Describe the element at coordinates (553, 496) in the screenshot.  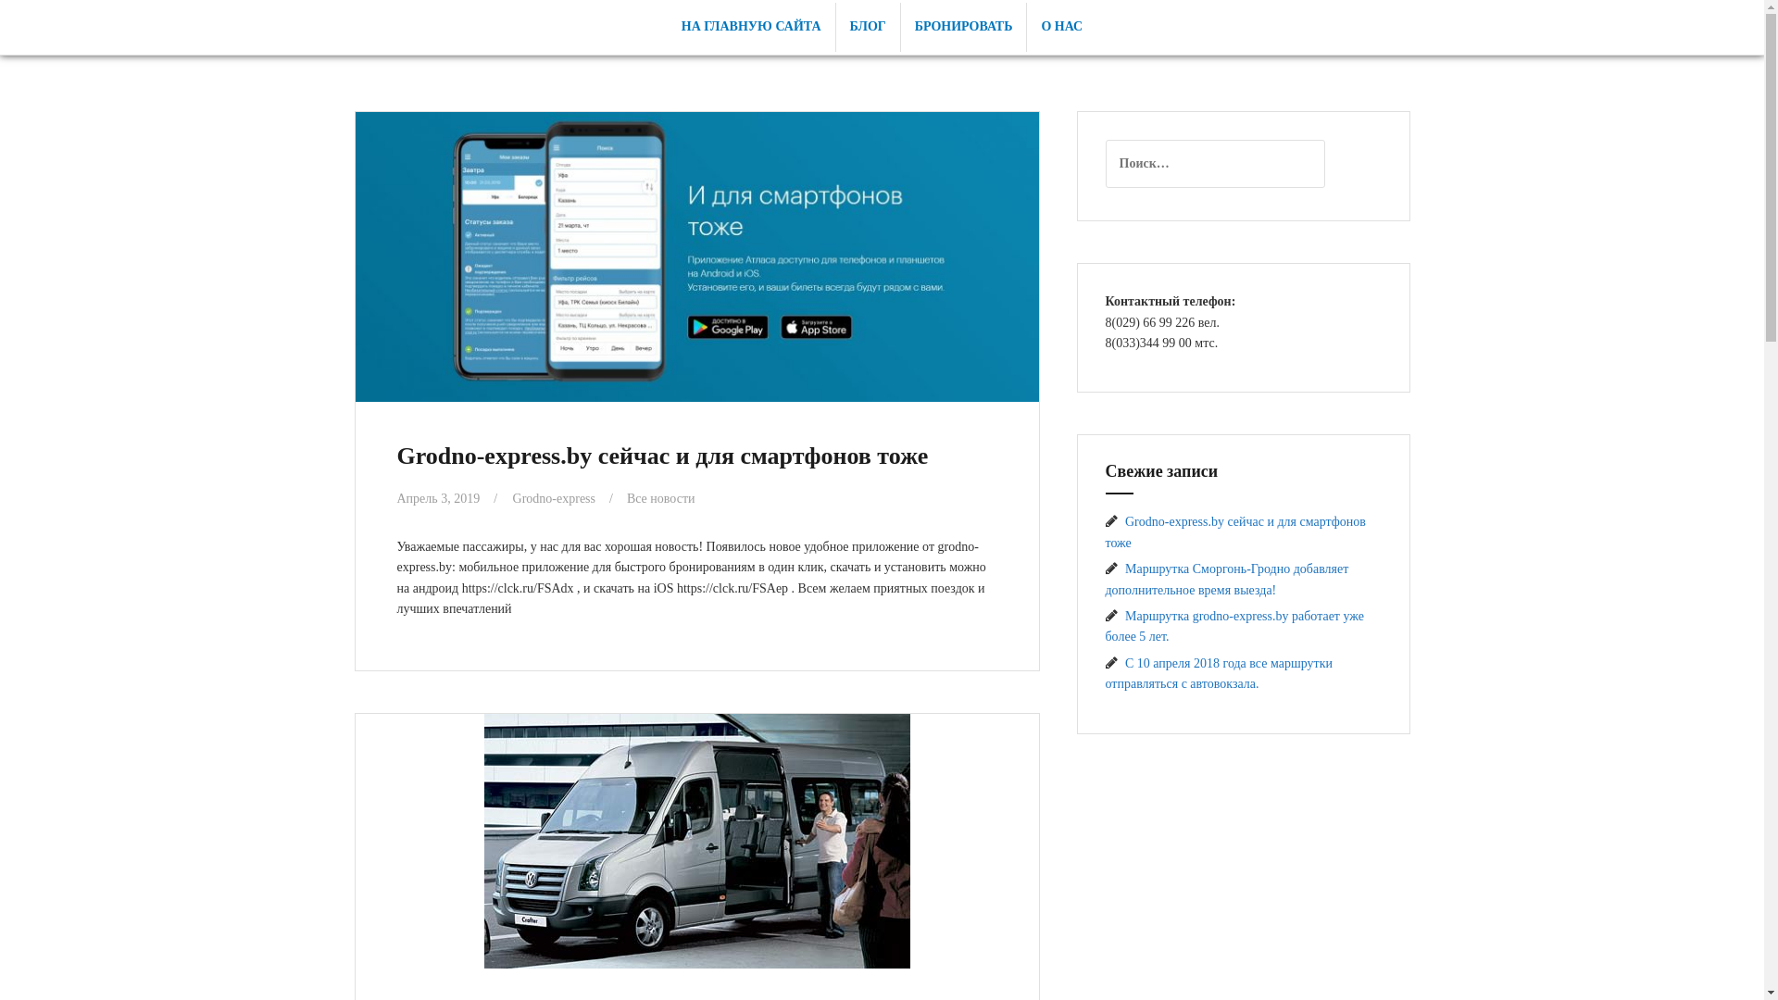
I see `'Grodno-express'` at that location.